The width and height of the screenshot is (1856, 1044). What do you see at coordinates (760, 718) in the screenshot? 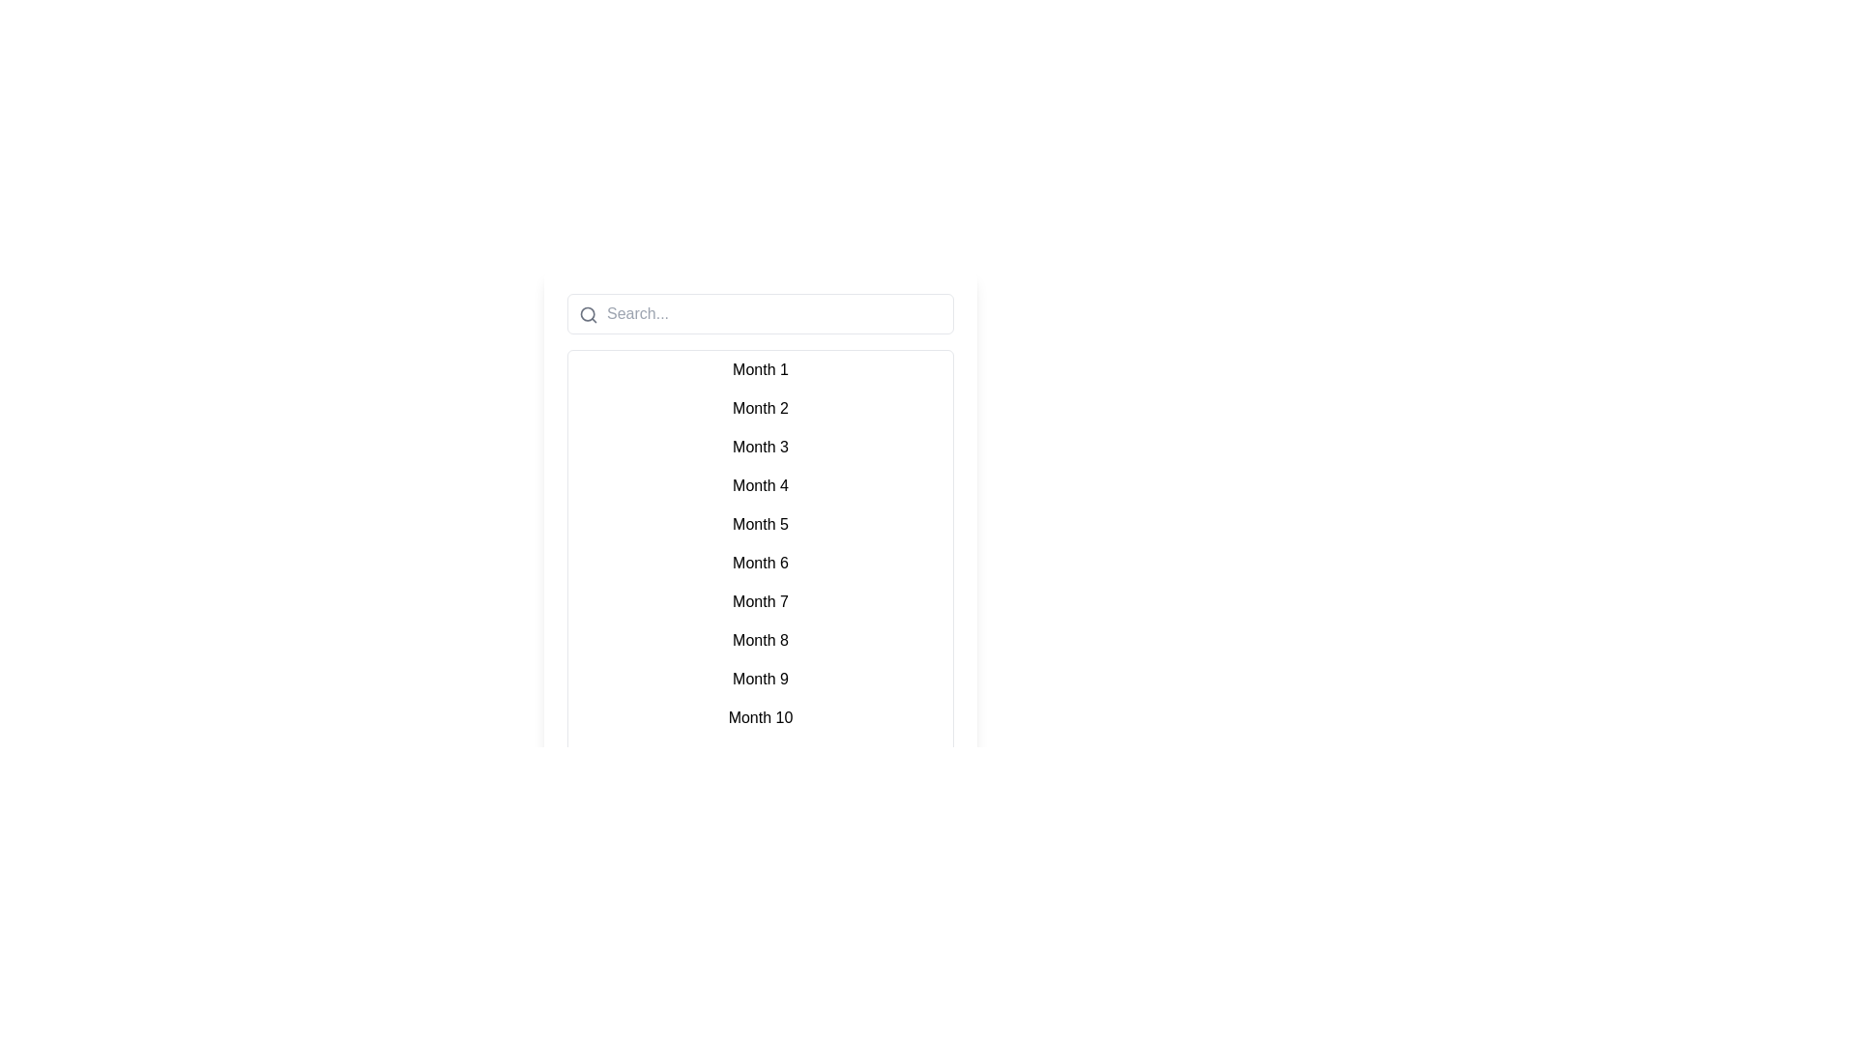
I see `the interactive list item representing the tenth month` at bounding box center [760, 718].